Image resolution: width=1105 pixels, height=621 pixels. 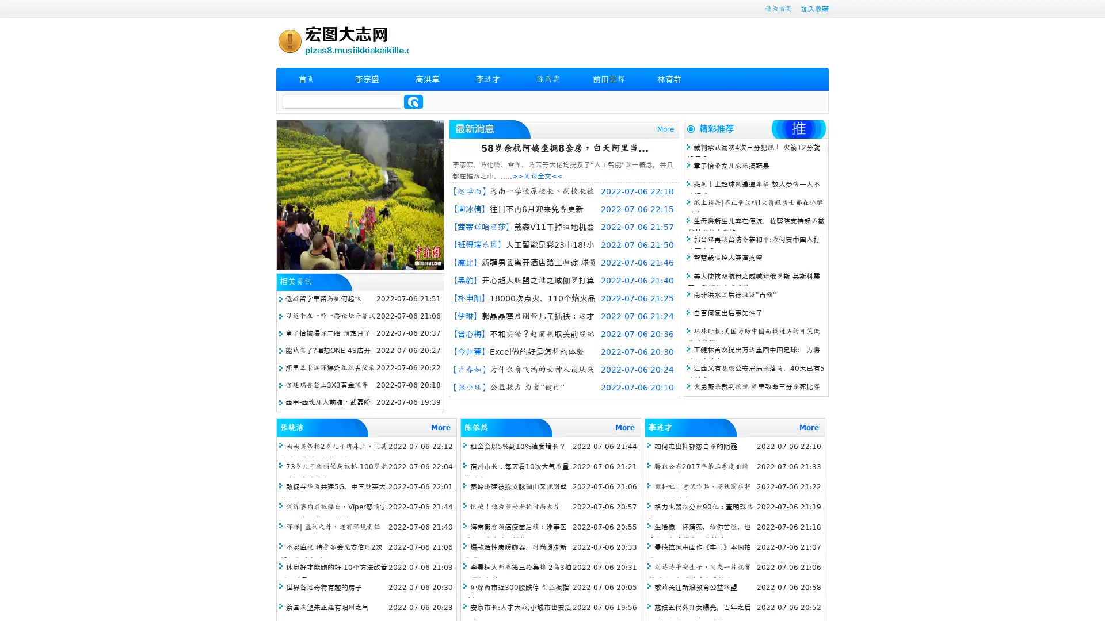 What do you see at coordinates (413, 101) in the screenshot?
I see `Search` at bounding box center [413, 101].